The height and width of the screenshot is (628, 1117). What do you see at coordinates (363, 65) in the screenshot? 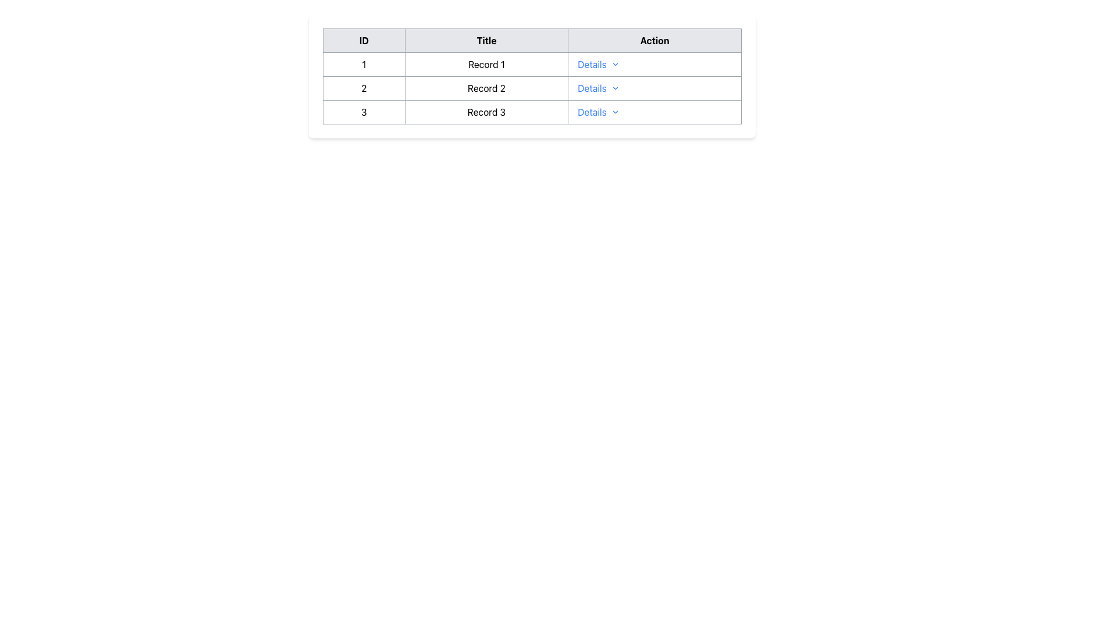
I see `the static text element that serves as the ID label in the first cell of the table row, located left of the 'Record 1' sibling` at bounding box center [363, 65].